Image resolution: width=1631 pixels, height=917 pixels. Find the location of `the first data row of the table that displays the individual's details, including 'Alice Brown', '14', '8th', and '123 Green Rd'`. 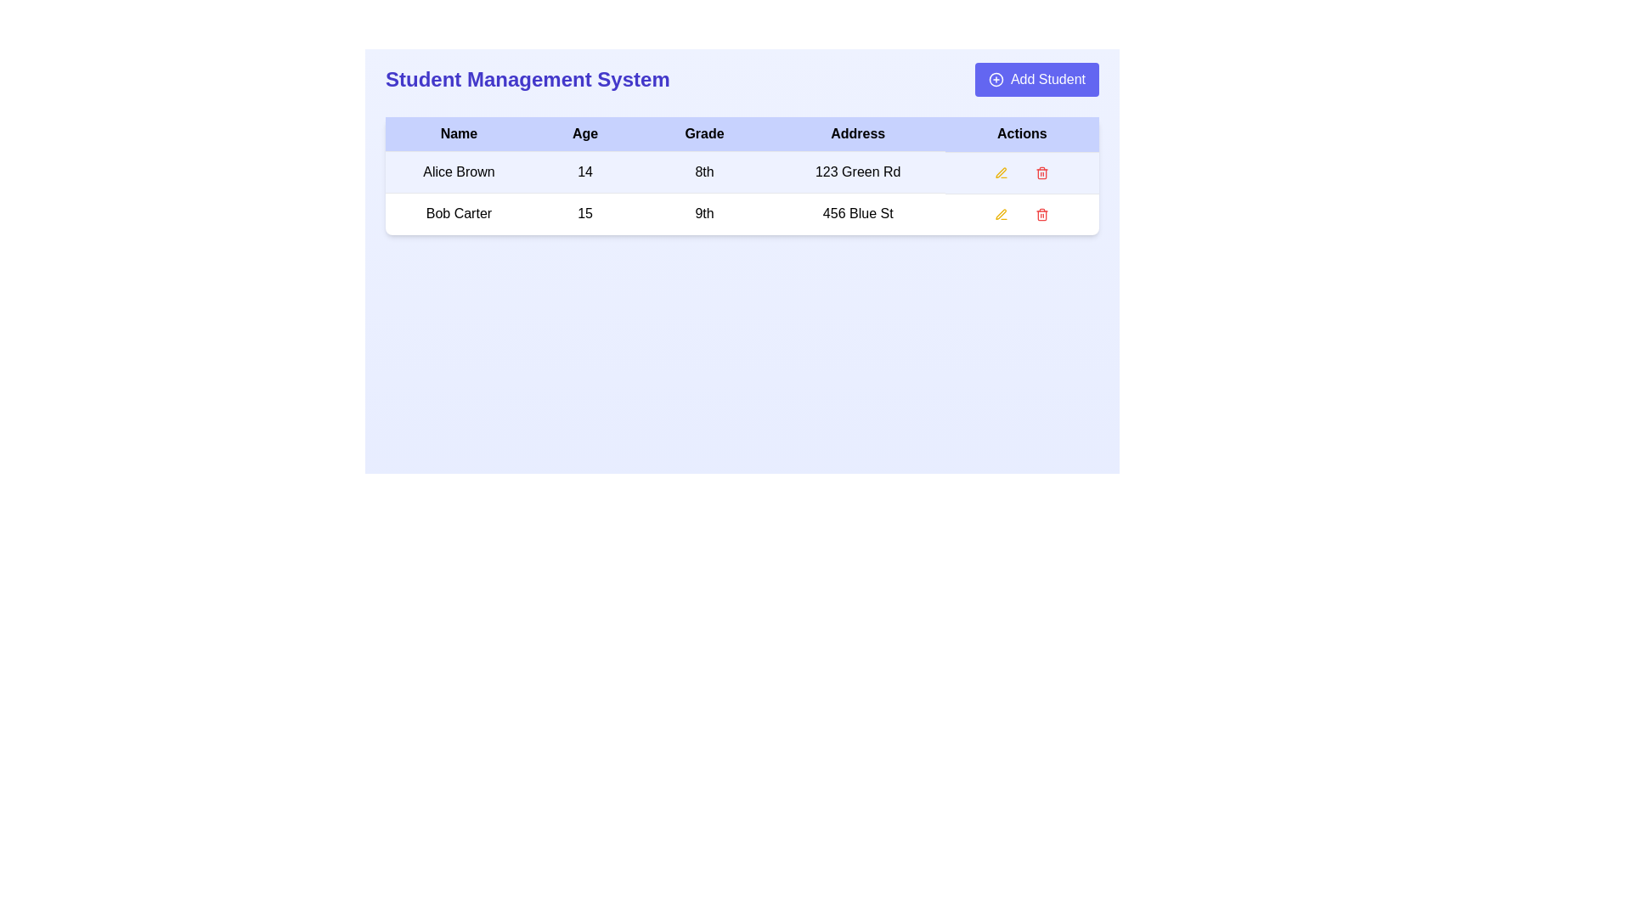

the first data row of the table that displays the individual's details, including 'Alice Brown', '14', '8th', and '123 Green Rd' is located at coordinates (742, 192).